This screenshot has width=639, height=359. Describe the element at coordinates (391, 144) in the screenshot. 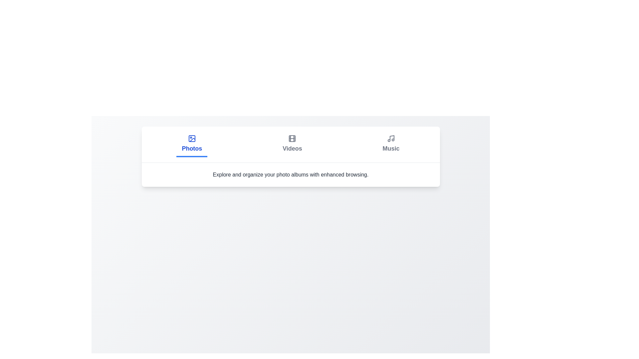

I see `the Music tab to trigger its hover effect` at that location.